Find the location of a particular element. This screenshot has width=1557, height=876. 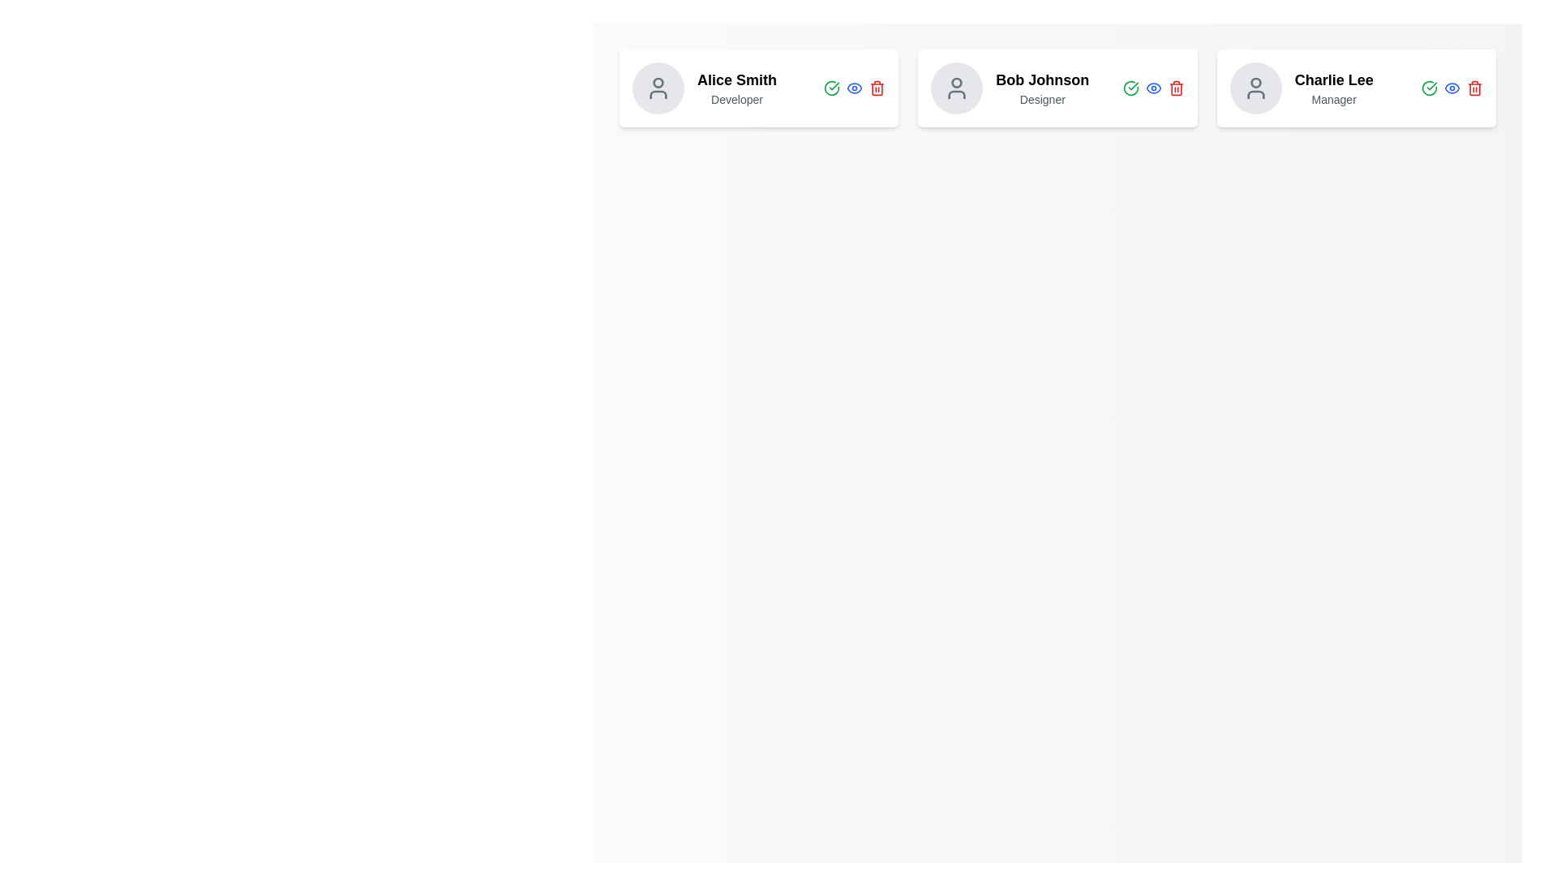

the profile avatar placeholder icon for the user 'Charlie Lee', located on the rightmost card in a horizontal row of three cards, positioned above the text 'Charlie Lee' and 'Manager' is located at coordinates (1255, 88).